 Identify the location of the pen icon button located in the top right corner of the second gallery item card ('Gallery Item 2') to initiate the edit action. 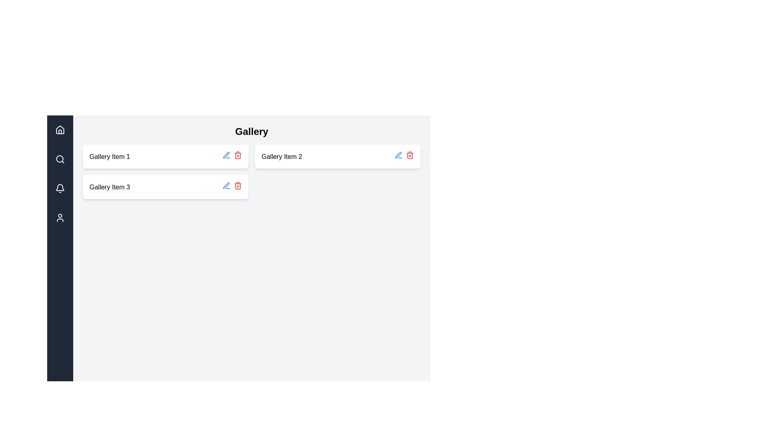
(398, 155).